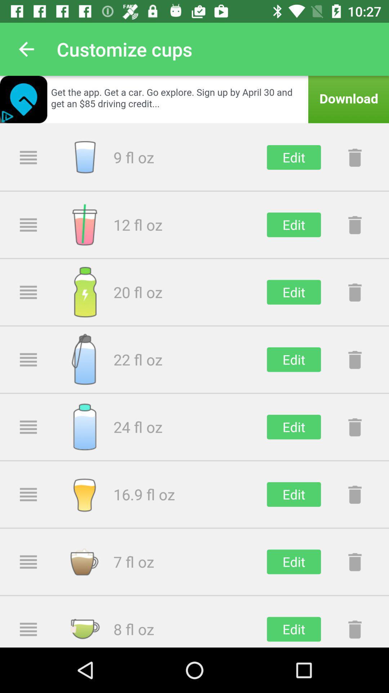  Describe the element at coordinates (354, 494) in the screenshot. I see `delete the option` at that location.